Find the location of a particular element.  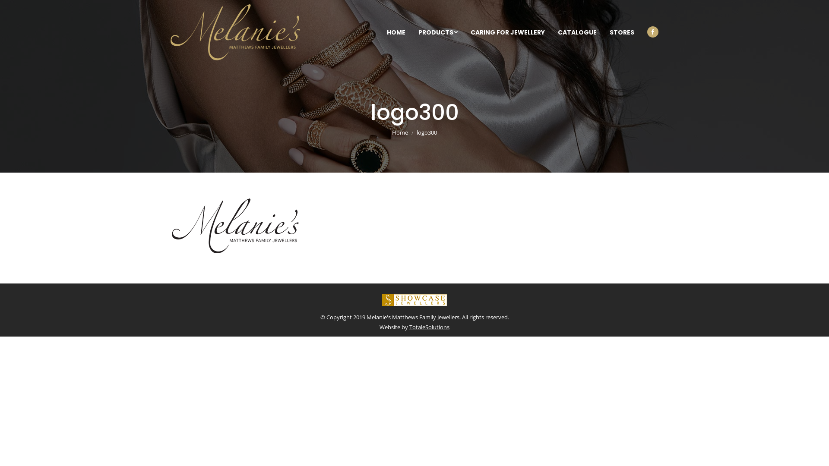

'Home' is located at coordinates (399, 132).